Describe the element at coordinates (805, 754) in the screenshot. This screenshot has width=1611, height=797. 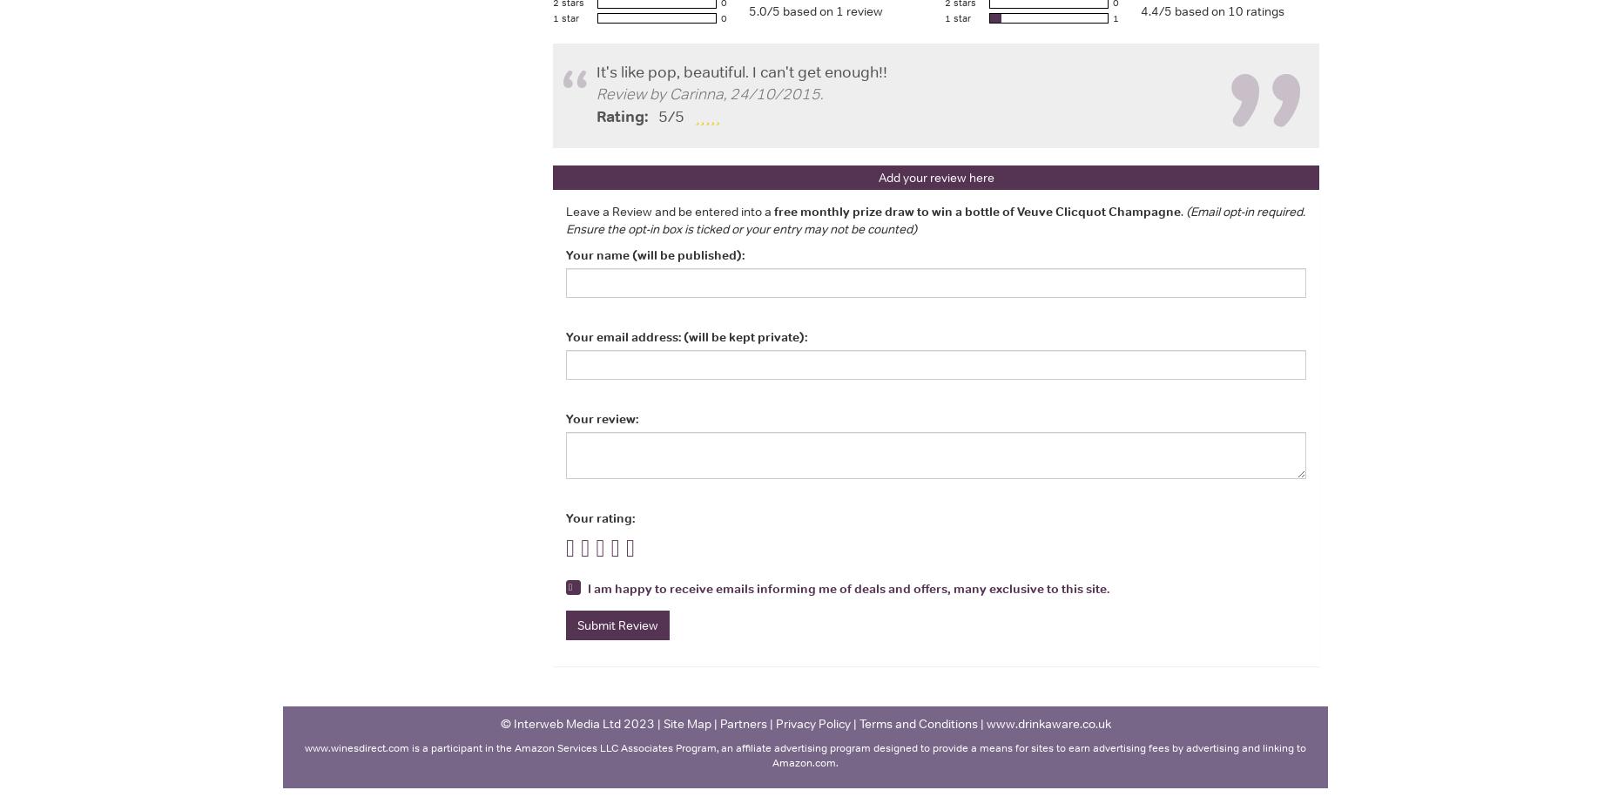
I see `'www.winesdirect.com ﻿﻿is a participant in the Amazon Services LLC Associates Program, an affiliate advertising program designed to provide a means for sites to earn advertising fees by advertising and linking to Amazon.com.'` at that location.